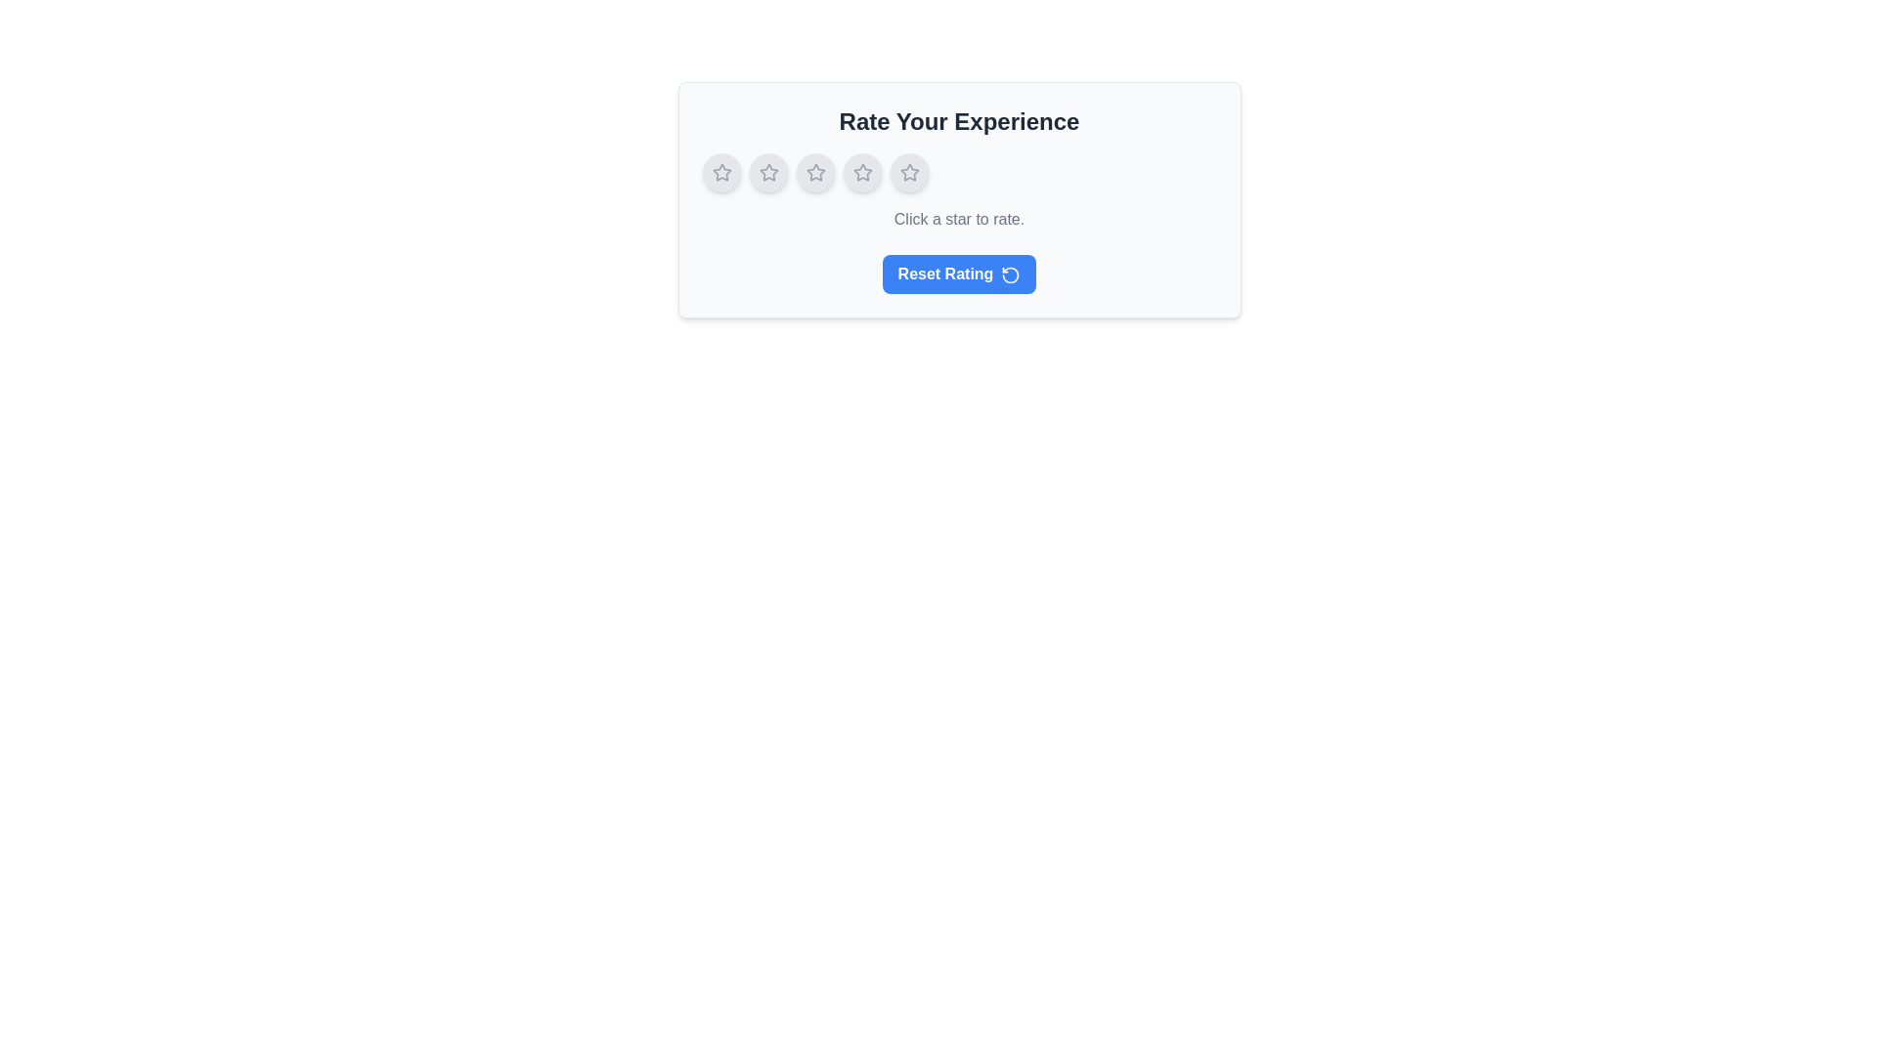 Image resolution: width=1877 pixels, height=1055 pixels. I want to click on the text label that provides guidance for the rating component, located below the five star icons and above the blue 'Reset Rating' button, so click(959, 219).